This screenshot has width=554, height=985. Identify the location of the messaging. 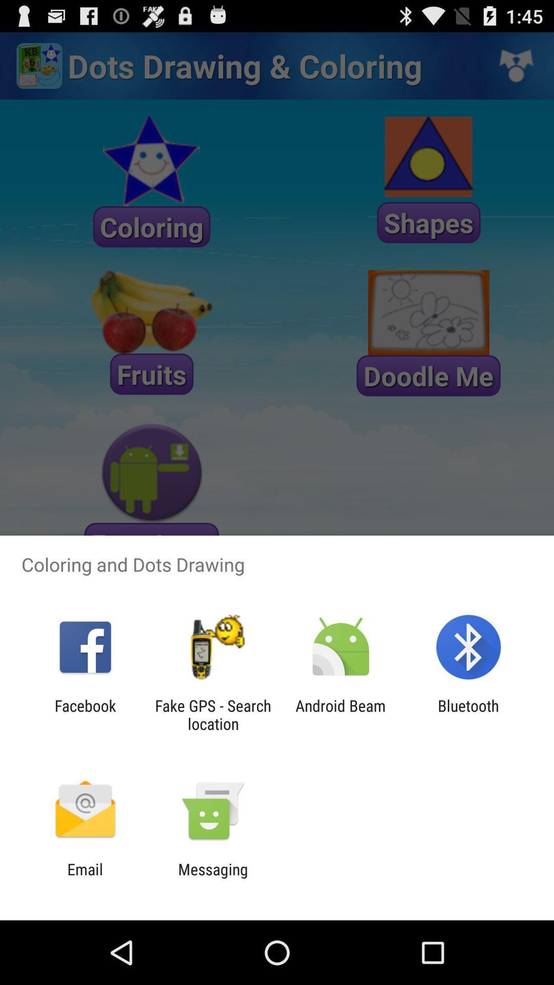
(212, 878).